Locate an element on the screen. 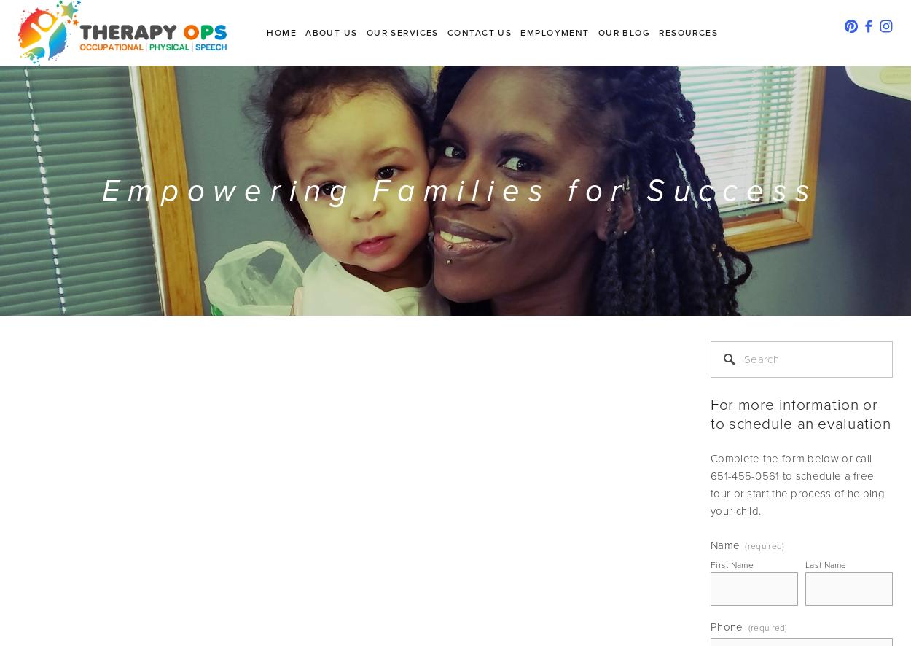 This screenshot has width=911, height=646. 'Our Blog' is located at coordinates (623, 32).